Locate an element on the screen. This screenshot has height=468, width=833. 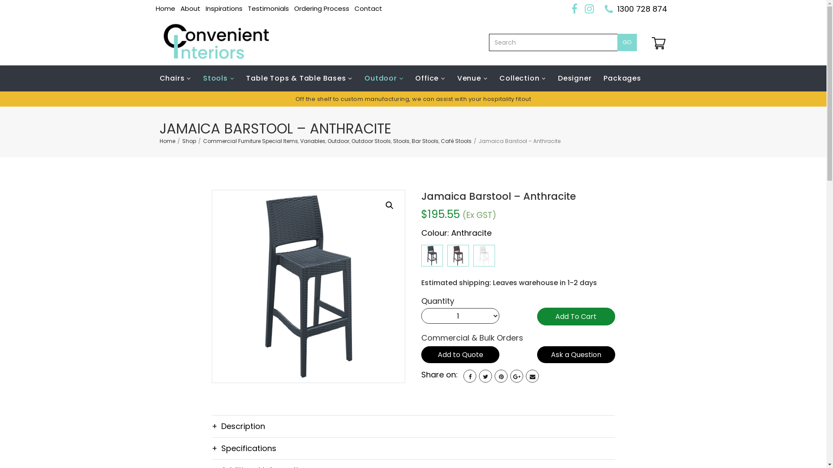
'Ask a Question' is located at coordinates (576, 354).